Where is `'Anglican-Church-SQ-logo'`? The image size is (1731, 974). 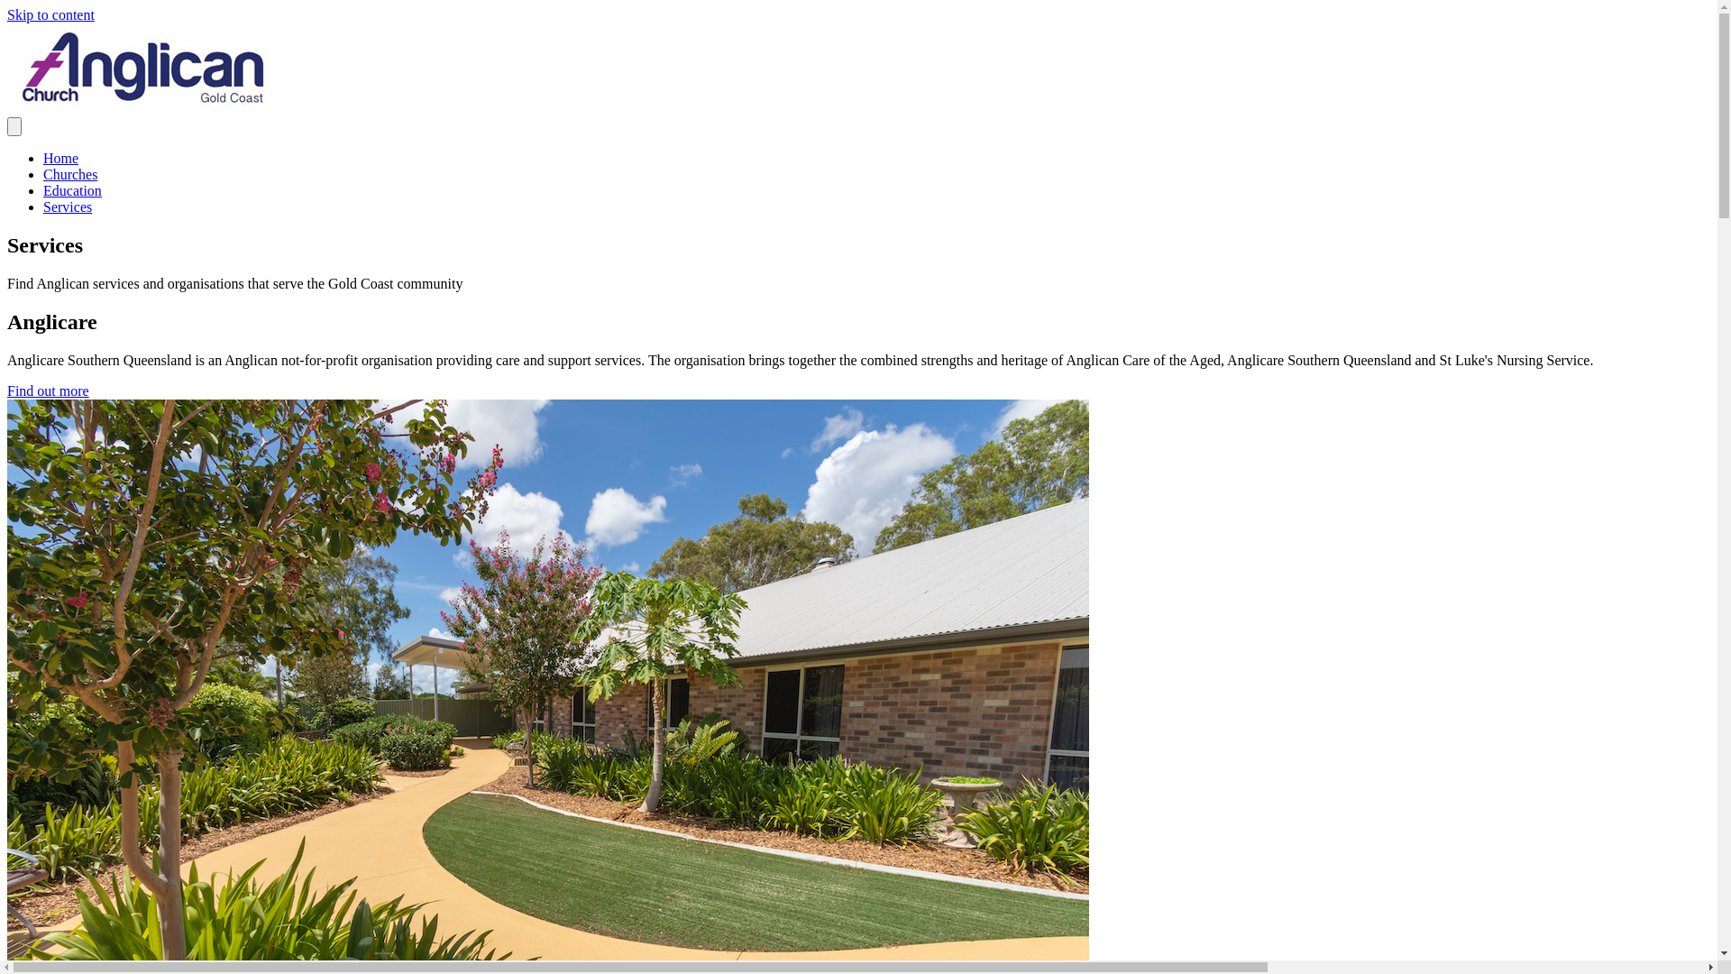 'Anglican-Church-SQ-logo' is located at coordinates (142, 68).